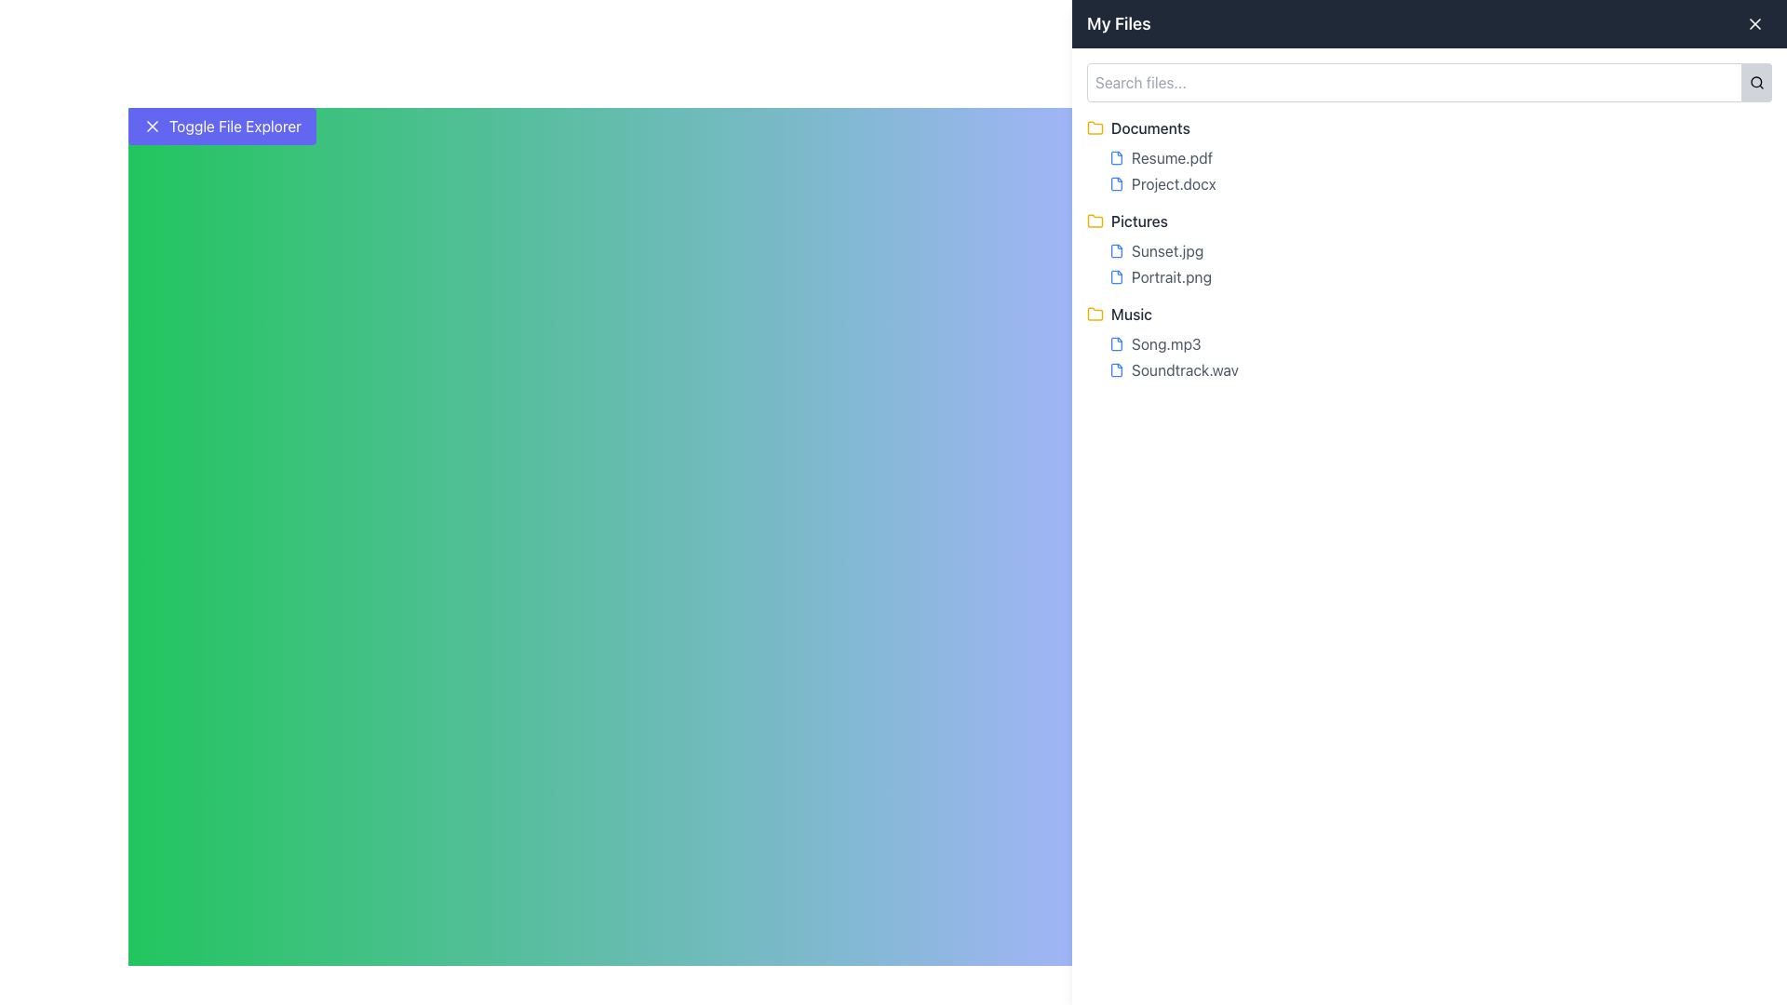 The image size is (1787, 1005). What do you see at coordinates (1755, 81) in the screenshot?
I see `the search icon located in the upper-right corner of the 'My Files' panel to activate a tooltip for more information` at bounding box center [1755, 81].